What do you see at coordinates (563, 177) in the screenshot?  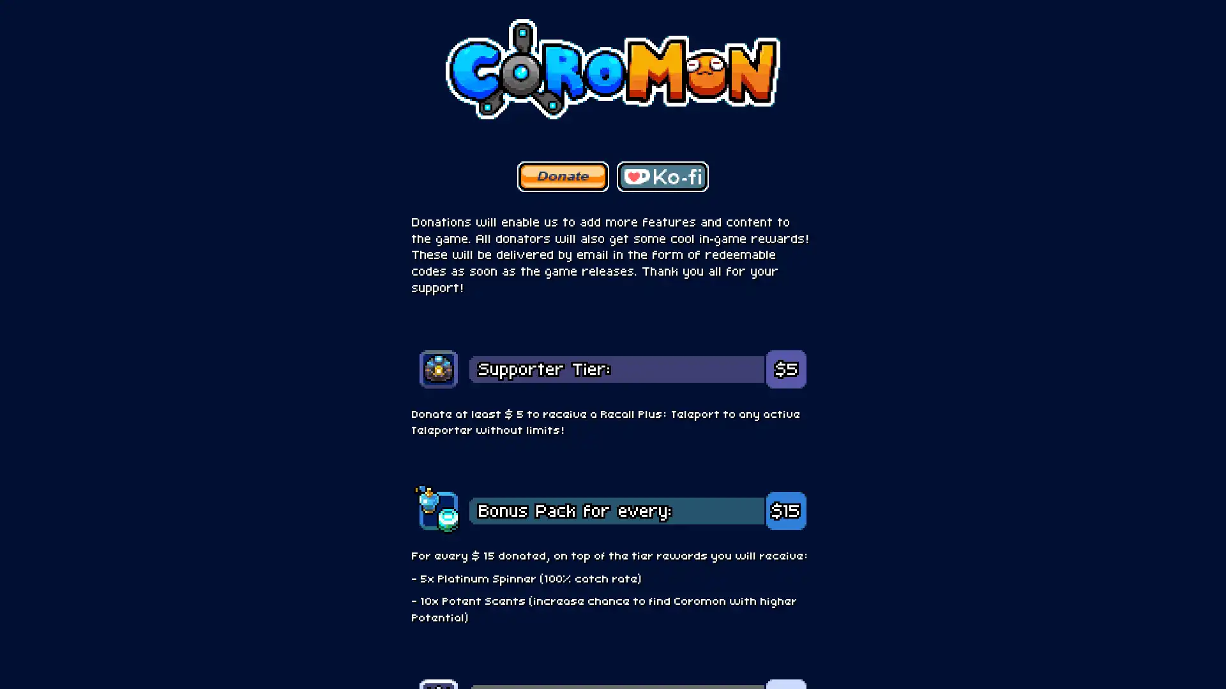 I see `PayPal  The safer, easier way to pay online!` at bounding box center [563, 177].